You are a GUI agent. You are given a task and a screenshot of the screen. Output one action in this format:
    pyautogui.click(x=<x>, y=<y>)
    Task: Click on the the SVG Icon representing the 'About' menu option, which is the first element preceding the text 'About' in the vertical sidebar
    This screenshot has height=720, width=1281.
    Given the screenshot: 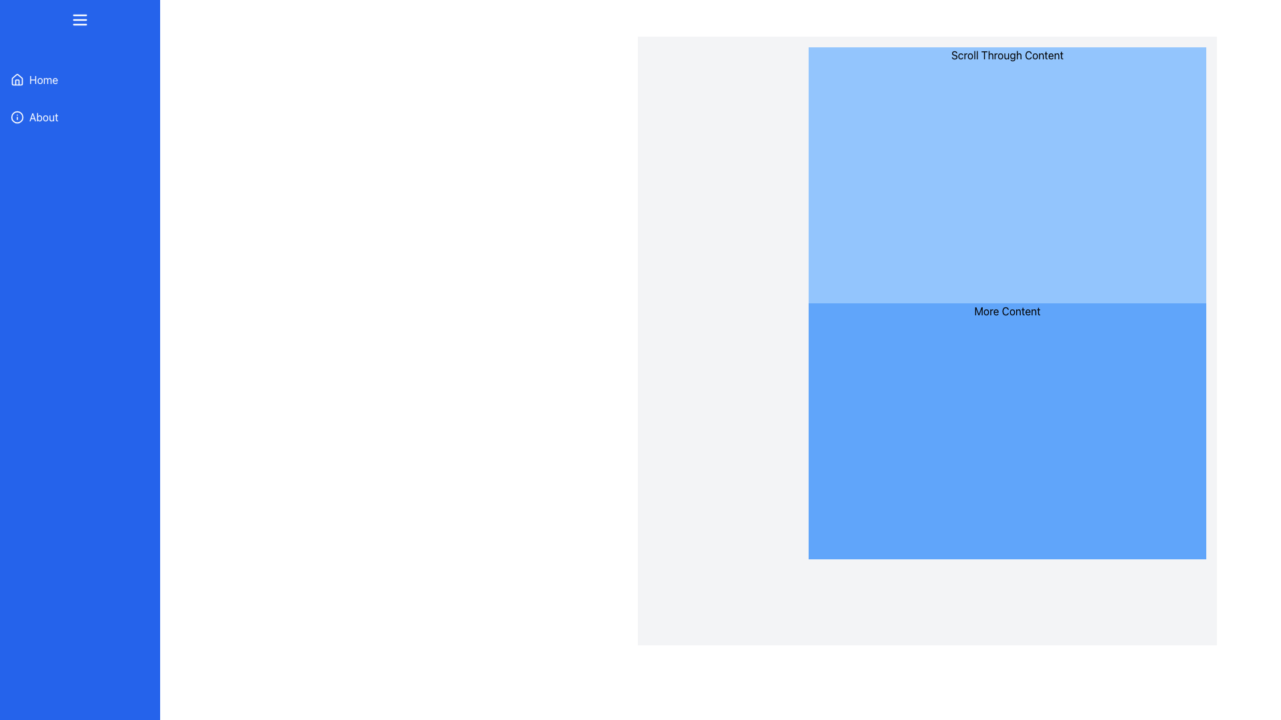 What is the action you would take?
    pyautogui.click(x=17, y=117)
    